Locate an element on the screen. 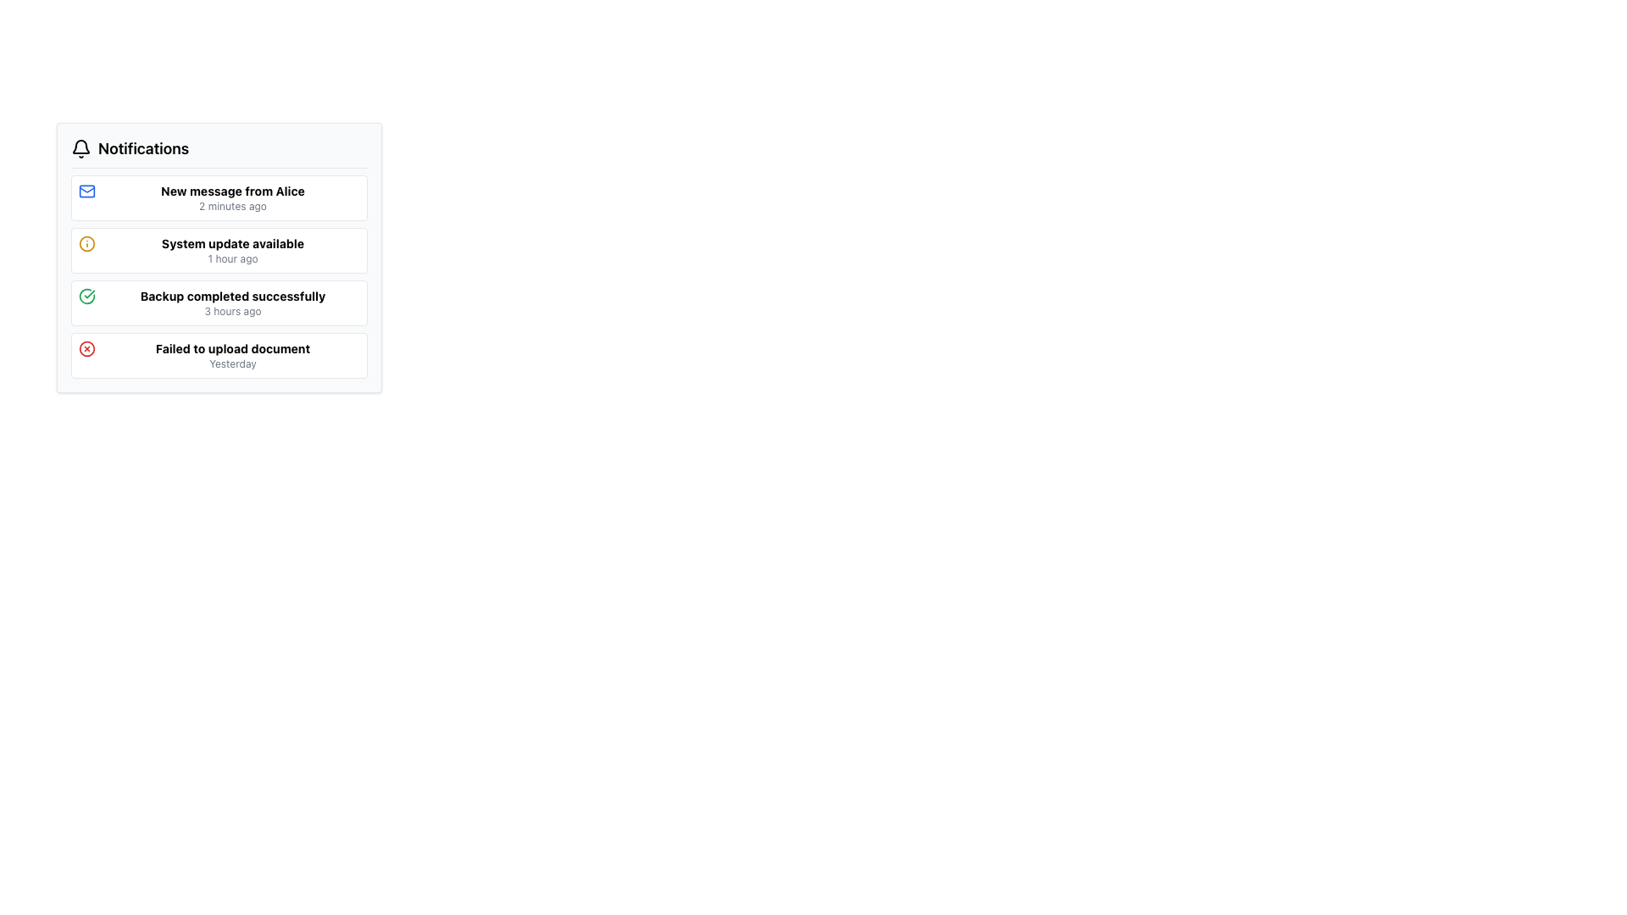  text from the first notification's title label located in the Notifications section, positioned above the timestamp '2 minutes ago' is located at coordinates (231, 191).